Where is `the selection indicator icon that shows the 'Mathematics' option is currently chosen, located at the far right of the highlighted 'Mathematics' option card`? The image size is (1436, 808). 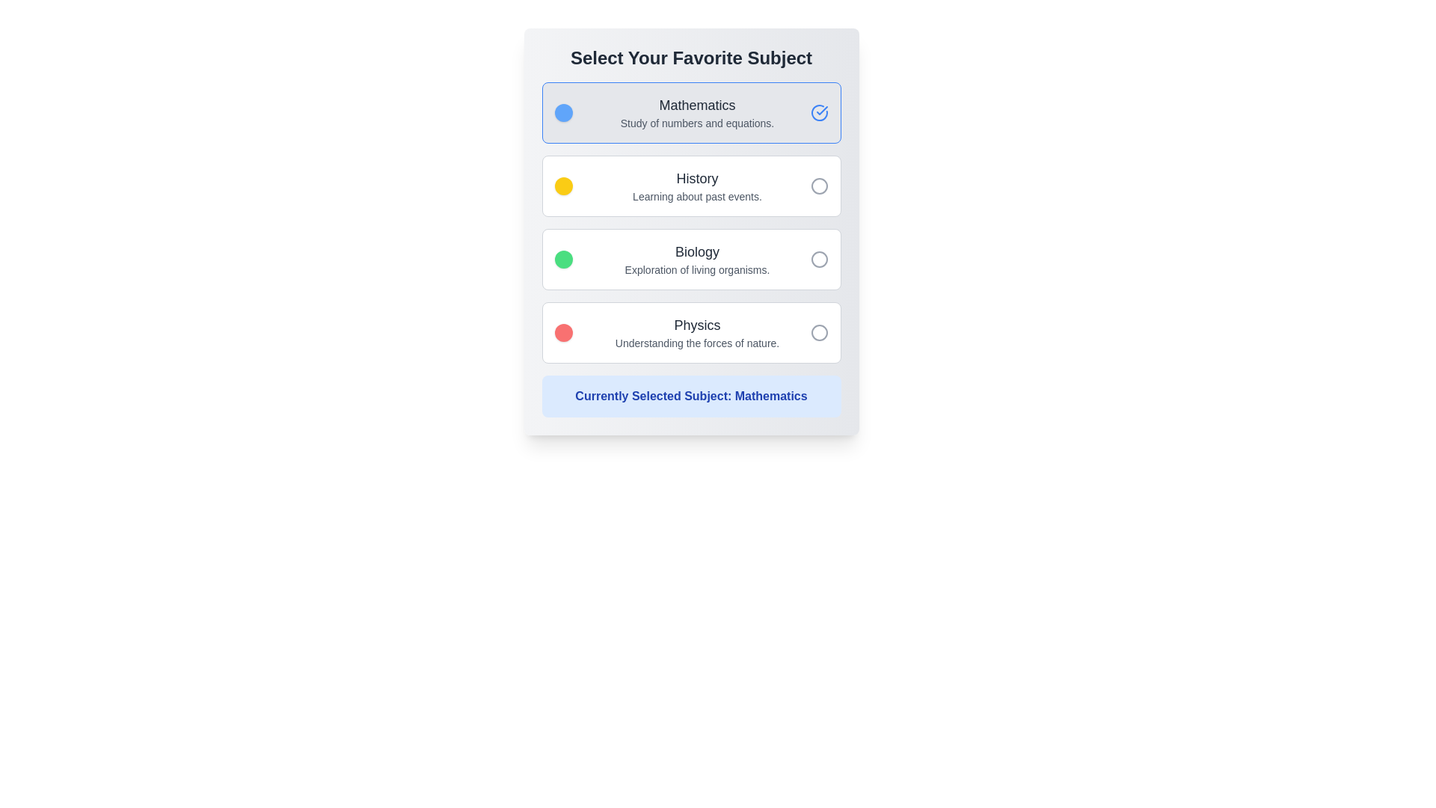
the selection indicator icon that shows the 'Mathematics' option is currently chosen, located at the far right of the highlighted 'Mathematics' option card is located at coordinates (818, 111).